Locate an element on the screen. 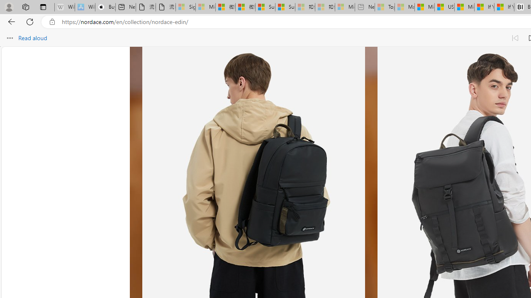 Image resolution: width=531 pixels, height=298 pixels. 'Buy iPad - Apple' is located at coordinates (105, 7).